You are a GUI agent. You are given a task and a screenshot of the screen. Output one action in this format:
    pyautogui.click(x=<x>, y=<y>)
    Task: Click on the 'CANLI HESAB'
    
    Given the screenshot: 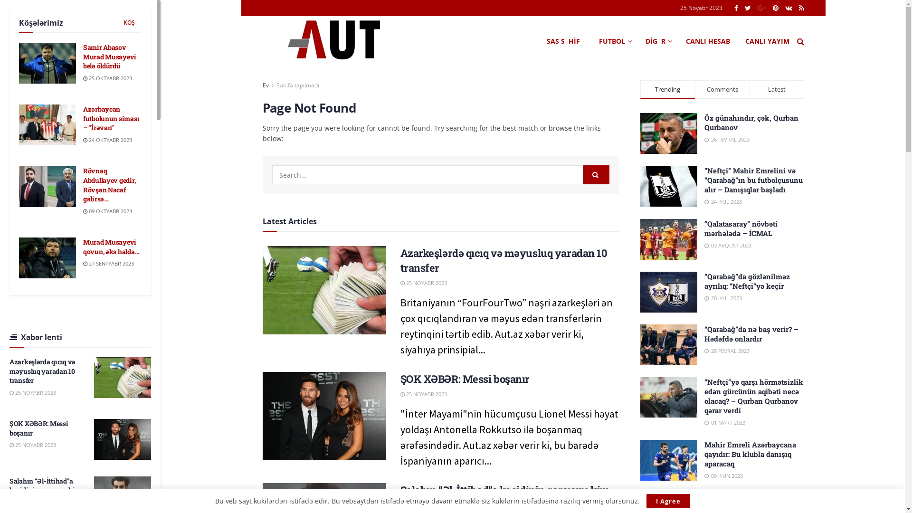 What is the action you would take?
    pyautogui.click(x=708, y=41)
    